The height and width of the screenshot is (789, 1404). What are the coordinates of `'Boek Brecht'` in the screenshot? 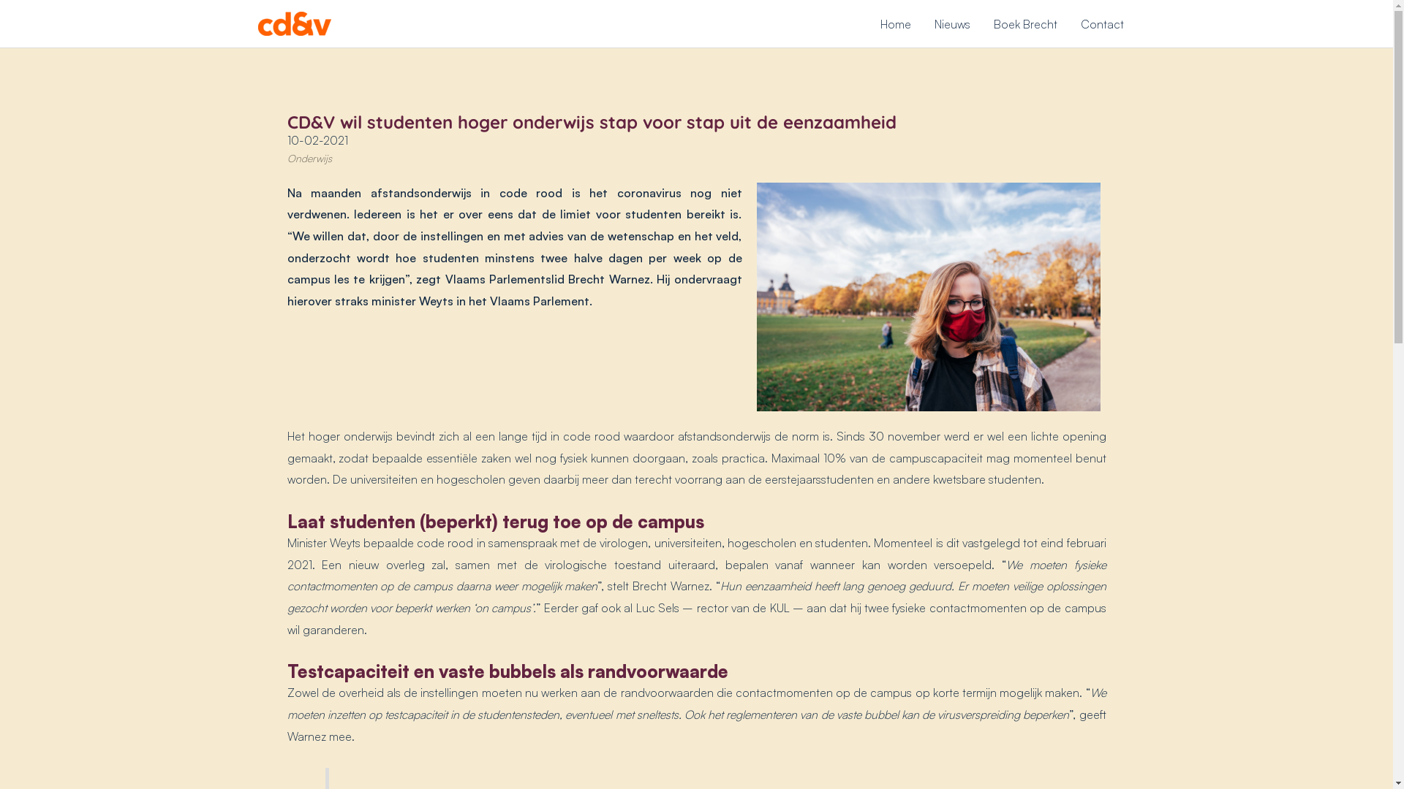 It's located at (1024, 23).